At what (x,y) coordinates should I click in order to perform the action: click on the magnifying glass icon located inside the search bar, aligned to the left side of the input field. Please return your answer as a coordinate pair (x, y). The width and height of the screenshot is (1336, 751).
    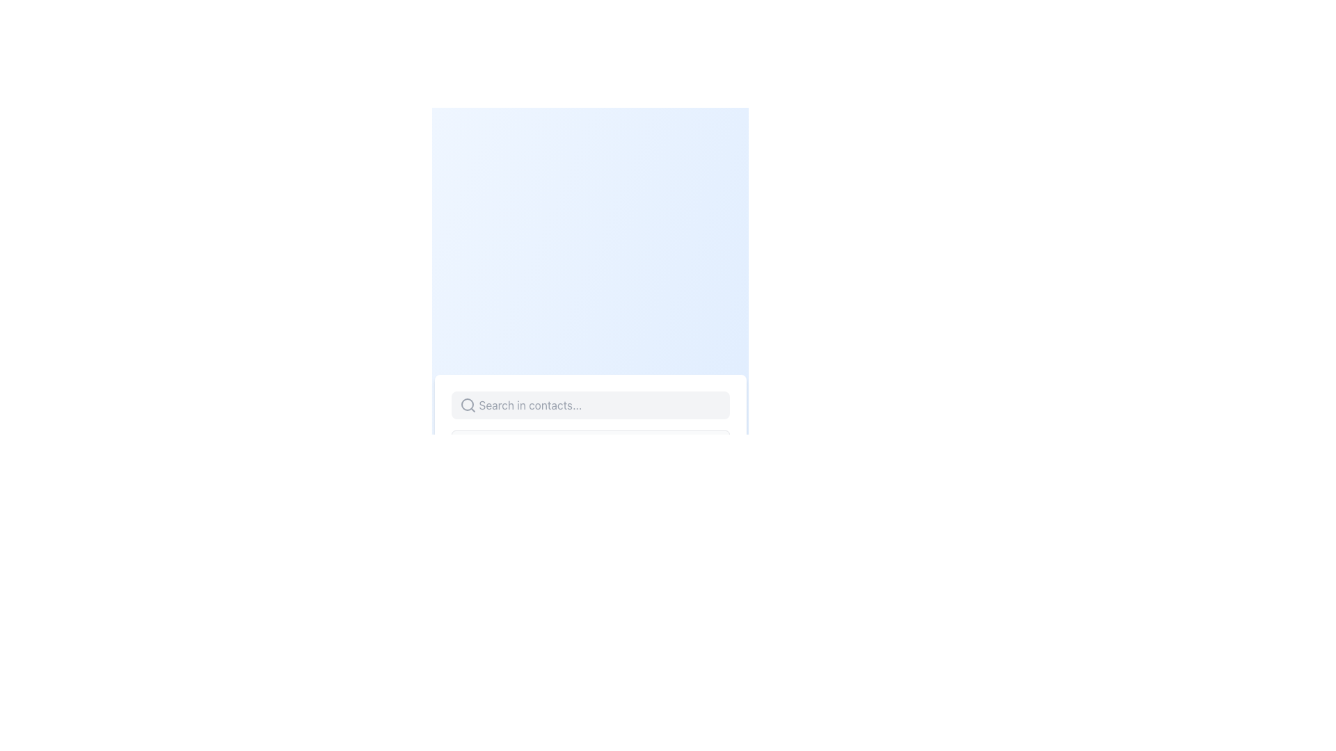
    Looking at the image, I should click on (468, 405).